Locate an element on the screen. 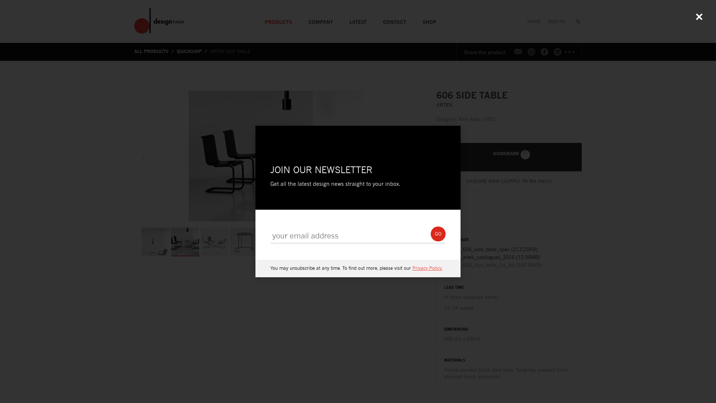  'CONTACT' is located at coordinates (394, 18).